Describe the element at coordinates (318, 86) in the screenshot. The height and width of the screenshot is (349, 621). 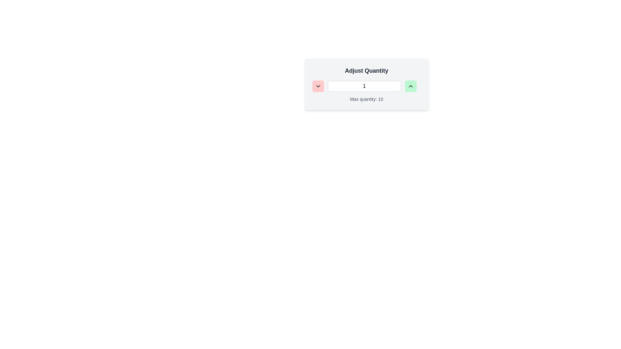
I see `the leftmost button in the 'Adjust Quantity' section to decrease the quantity displayed in the adjacent text input field` at that location.